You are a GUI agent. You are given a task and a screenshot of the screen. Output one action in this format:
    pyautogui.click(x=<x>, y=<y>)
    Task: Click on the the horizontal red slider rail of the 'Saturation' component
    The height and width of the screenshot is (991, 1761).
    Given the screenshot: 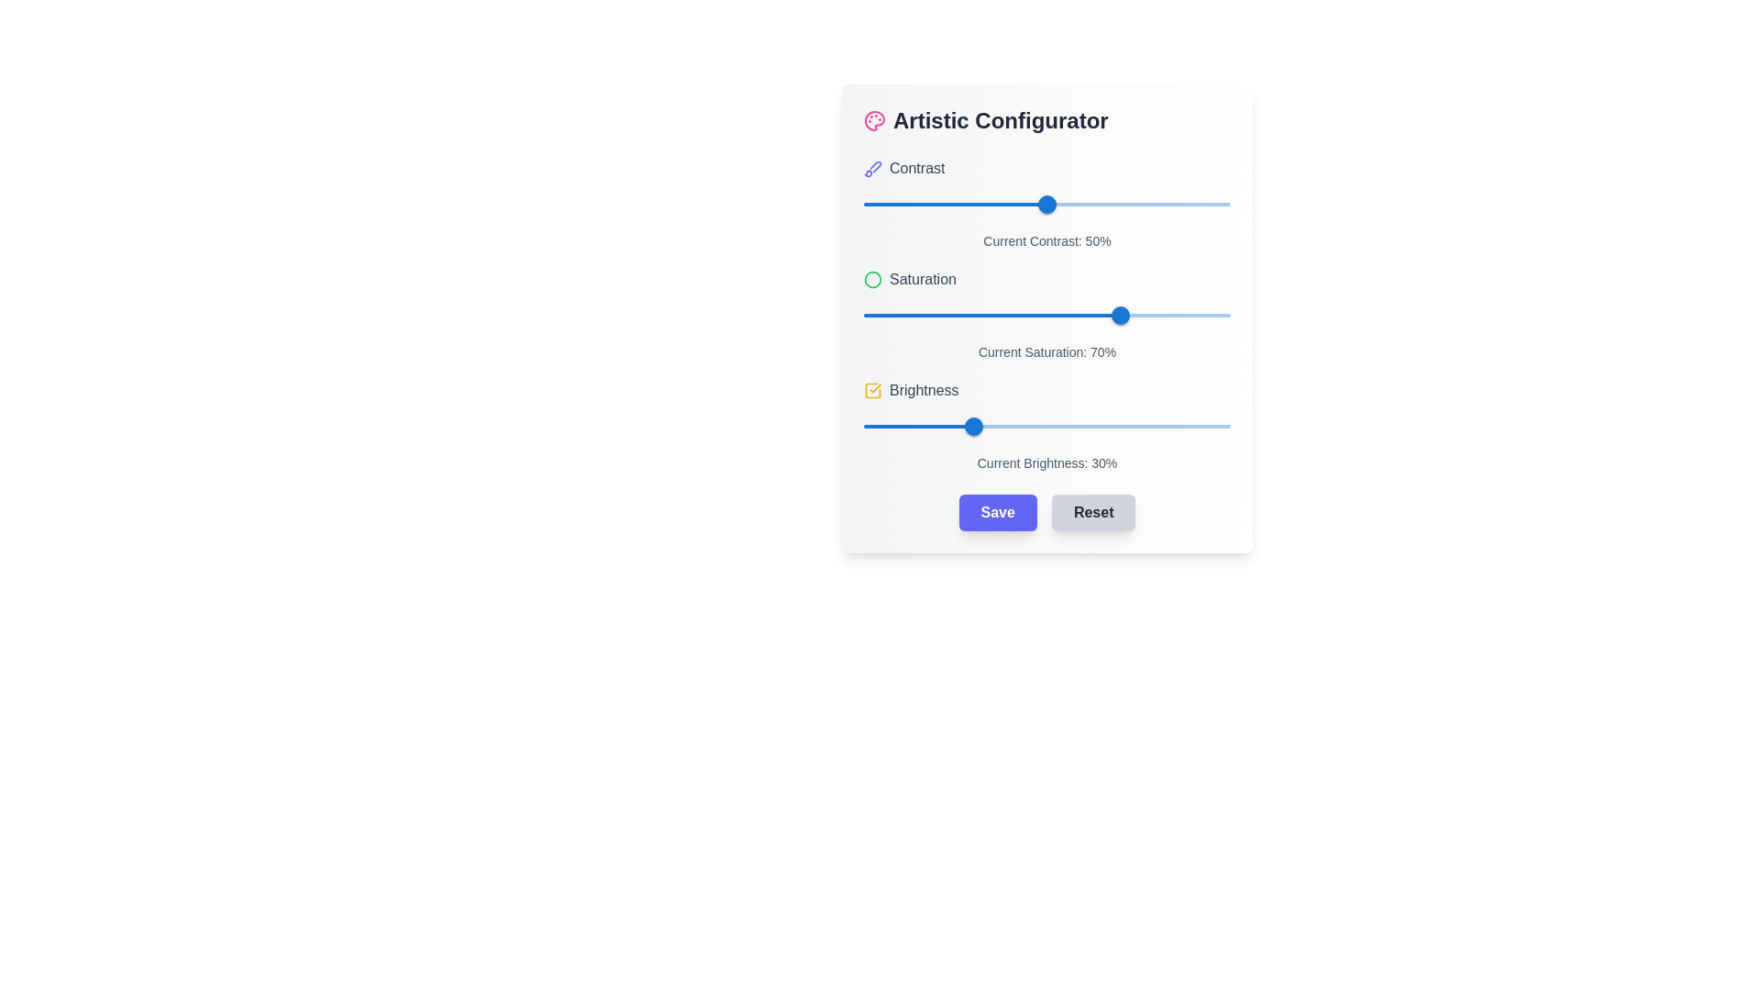 What is the action you would take?
    pyautogui.click(x=1047, y=314)
    